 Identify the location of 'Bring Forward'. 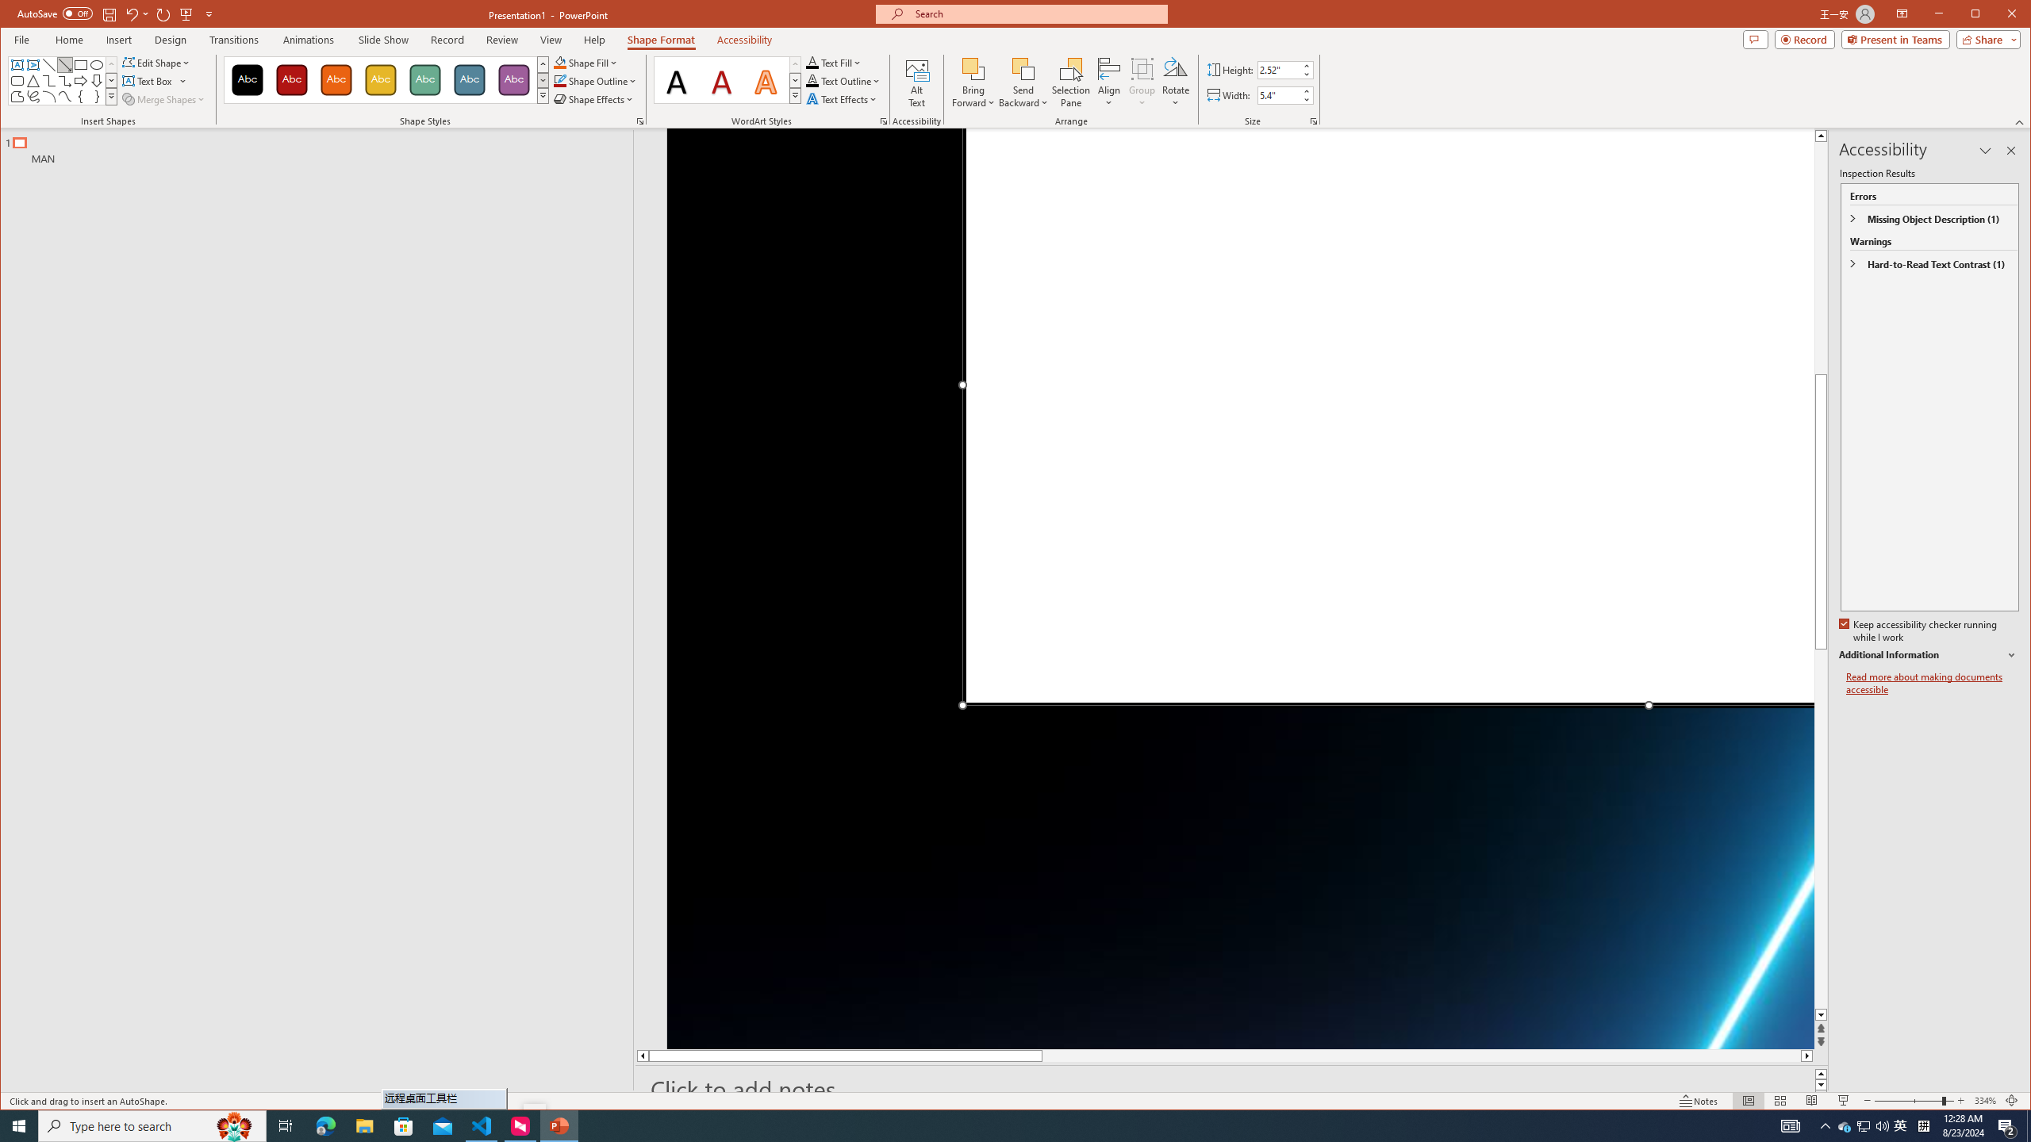
(973, 82).